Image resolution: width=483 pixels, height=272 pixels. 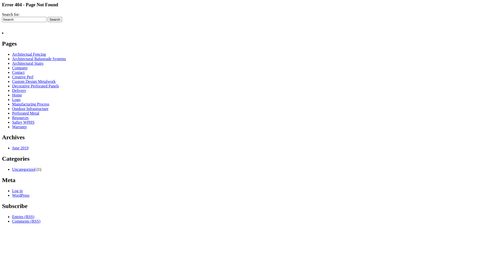 I want to click on 'Contact', so click(x=18, y=72).